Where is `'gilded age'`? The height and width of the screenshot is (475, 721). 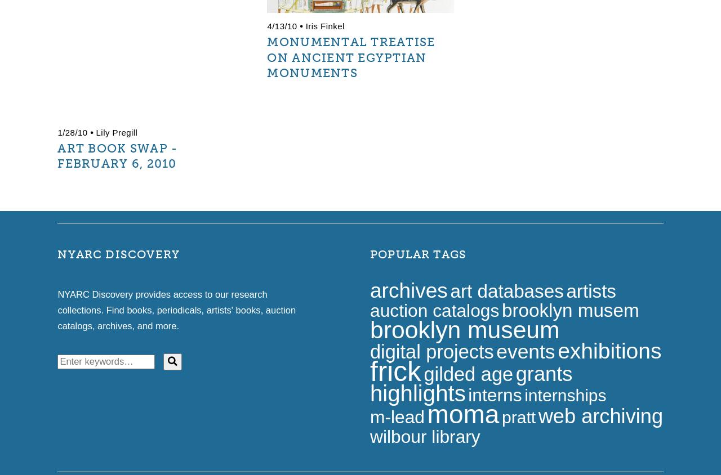 'gilded age' is located at coordinates (468, 373).